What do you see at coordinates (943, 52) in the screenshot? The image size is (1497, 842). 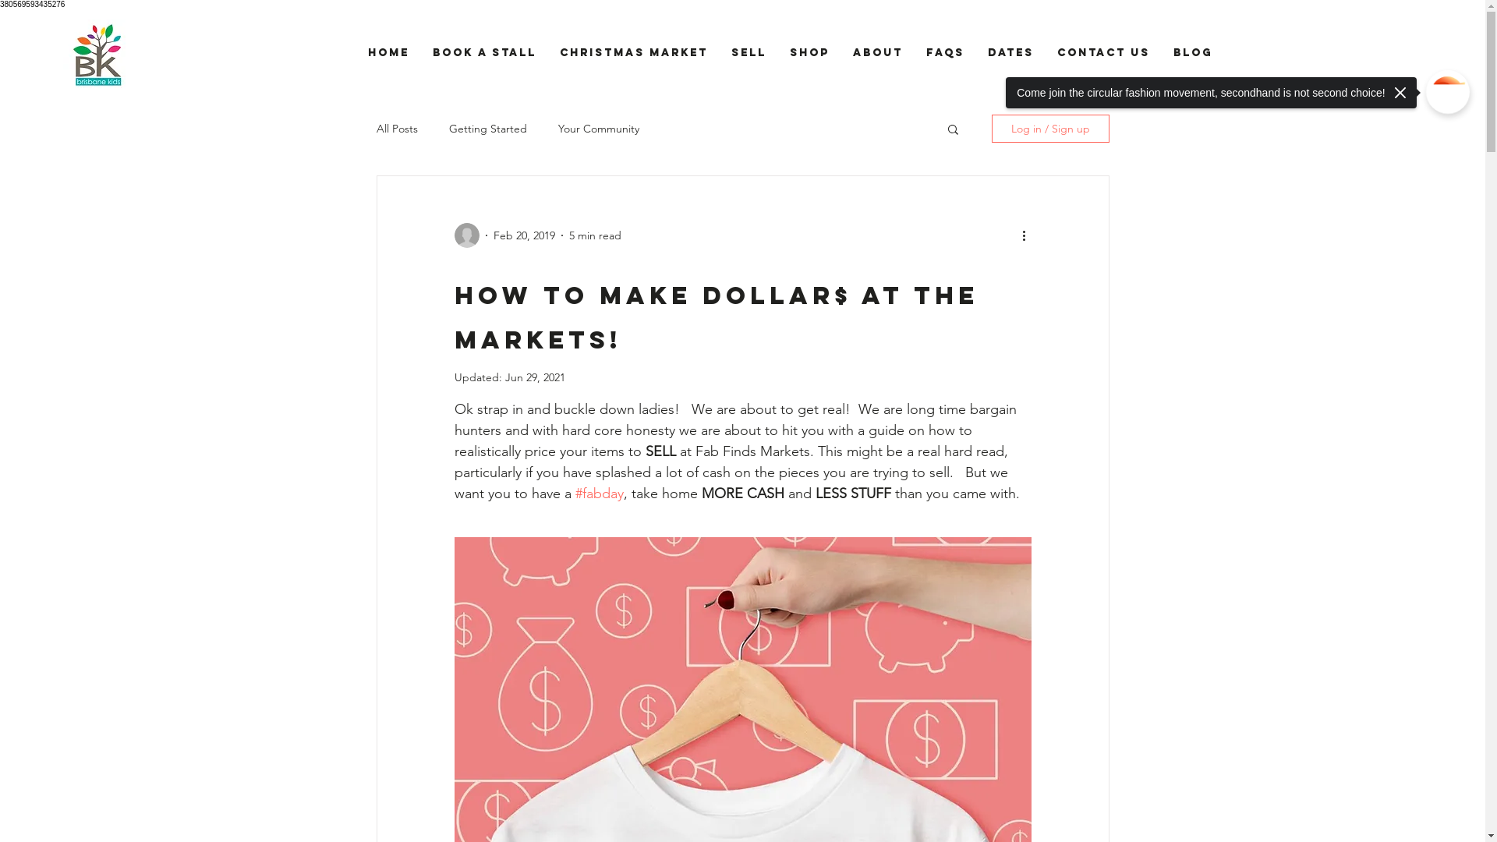 I see `'FAQS'` at bounding box center [943, 52].